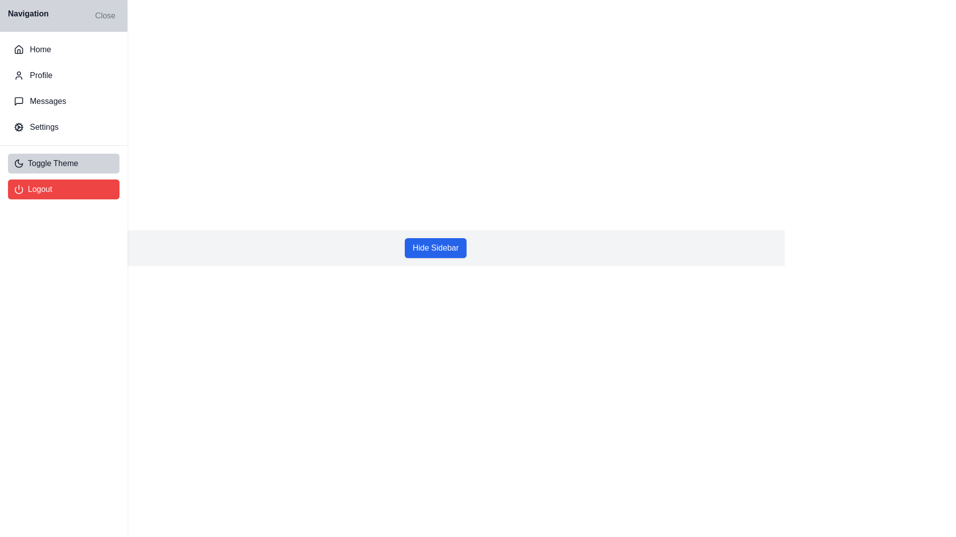 Image resolution: width=956 pixels, height=537 pixels. Describe the element at coordinates (19, 126) in the screenshot. I see `the cogwheel icon, styled in dark color, located to the left of the 'Settings' text in the navigation sidebar` at that location.